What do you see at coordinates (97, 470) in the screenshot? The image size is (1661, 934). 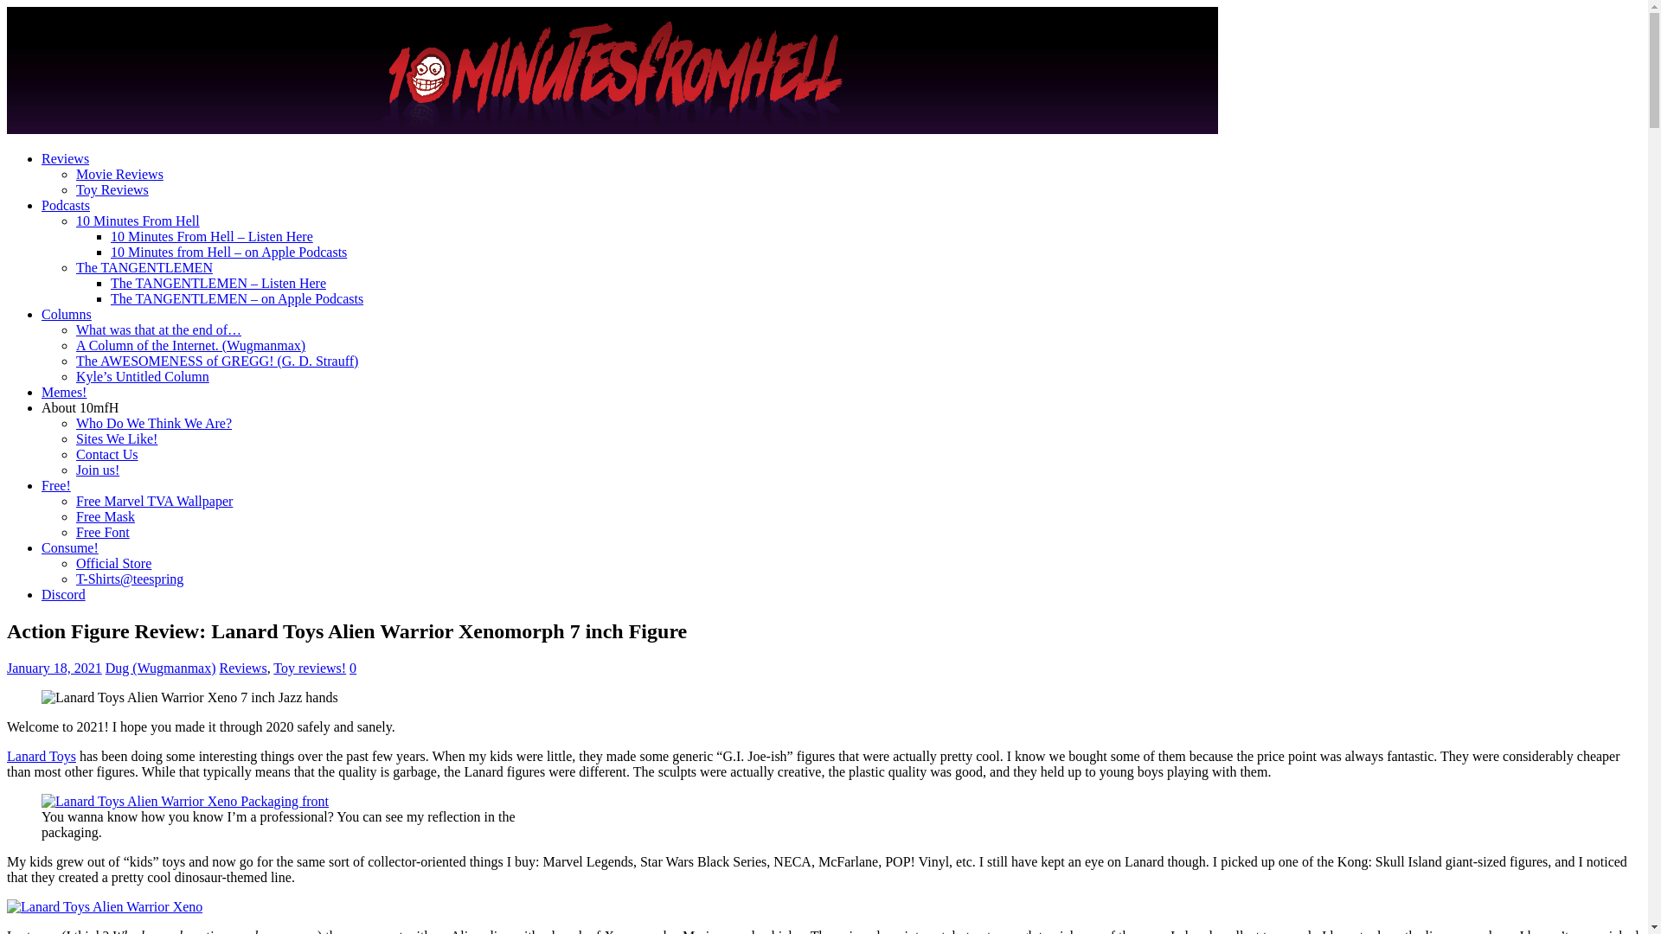 I see `'Join us!'` at bounding box center [97, 470].